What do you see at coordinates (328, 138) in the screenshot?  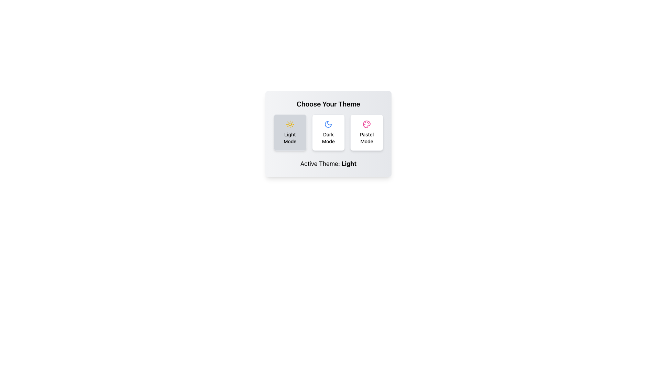 I see `the 'Dark Mode' text label that describes the functionality of the associated button in the theme selector` at bounding box center [328, 138].